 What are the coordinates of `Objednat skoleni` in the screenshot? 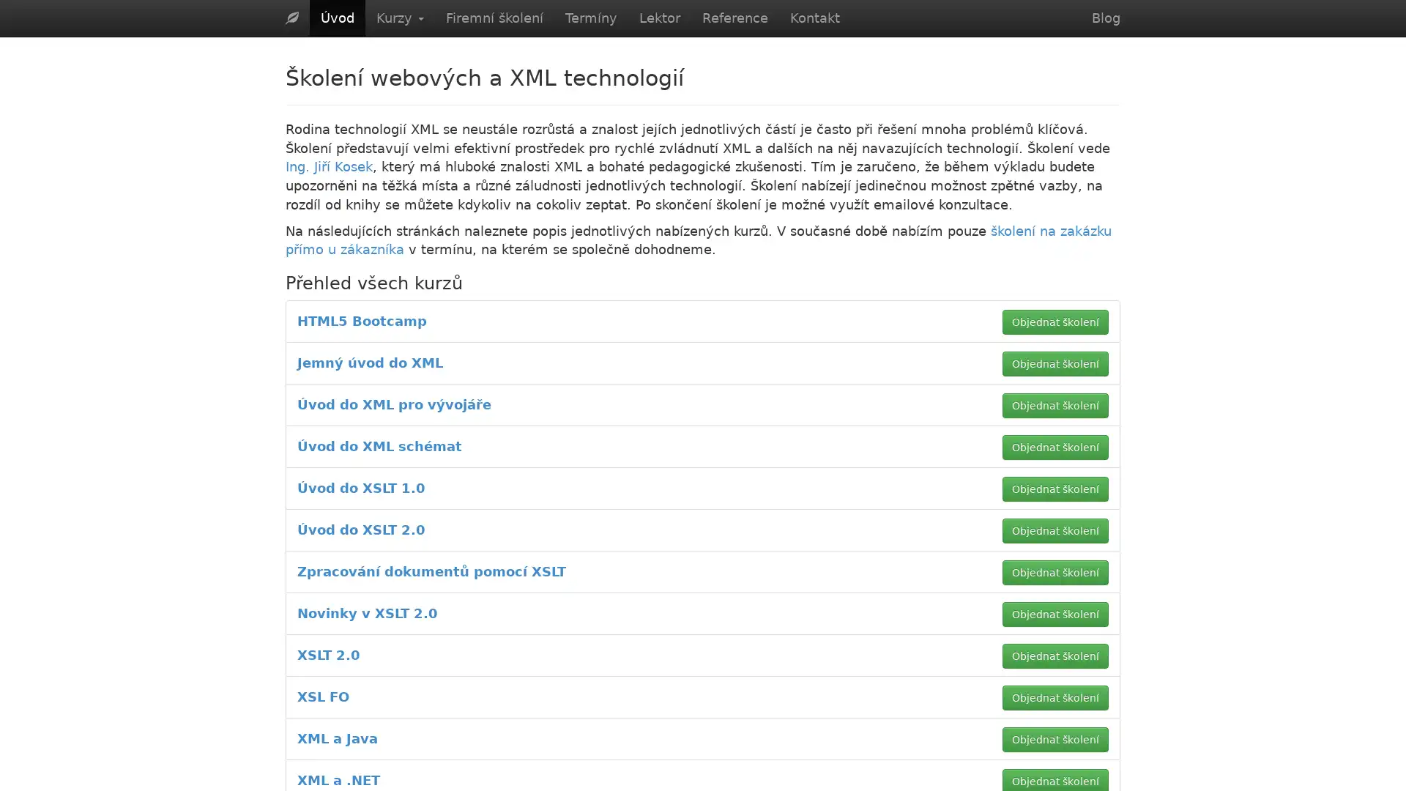 It's located at (1055, 531).